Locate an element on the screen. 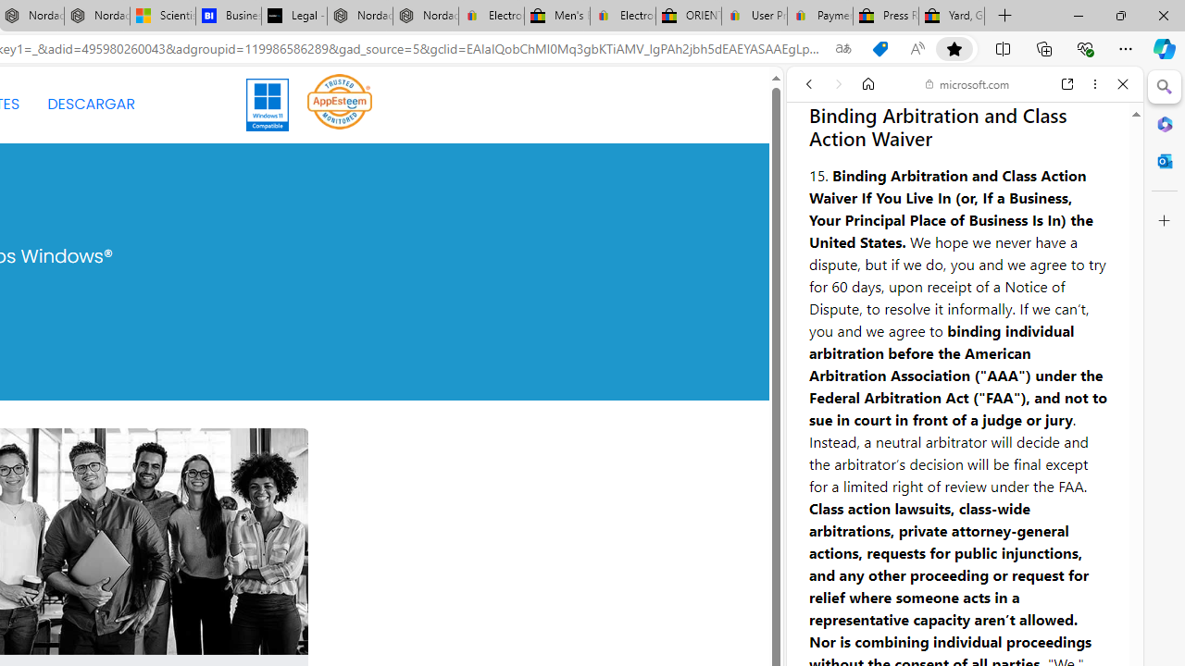 The image size is (1185, 666). 'microsoft.com' is located at coordinates (967, 84).